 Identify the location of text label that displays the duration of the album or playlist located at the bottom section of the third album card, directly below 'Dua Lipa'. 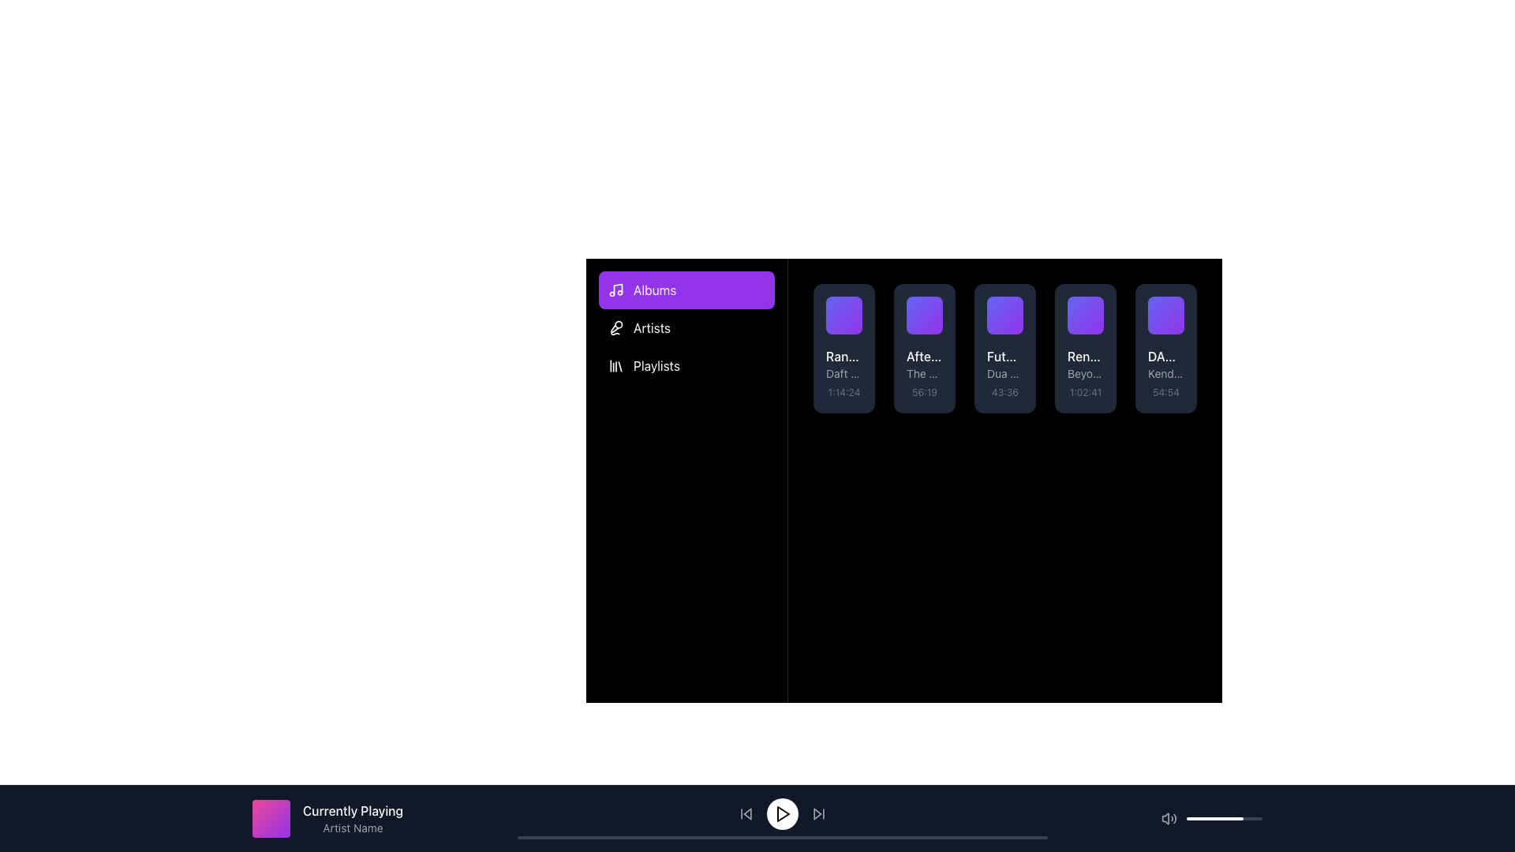
(1004, 391).